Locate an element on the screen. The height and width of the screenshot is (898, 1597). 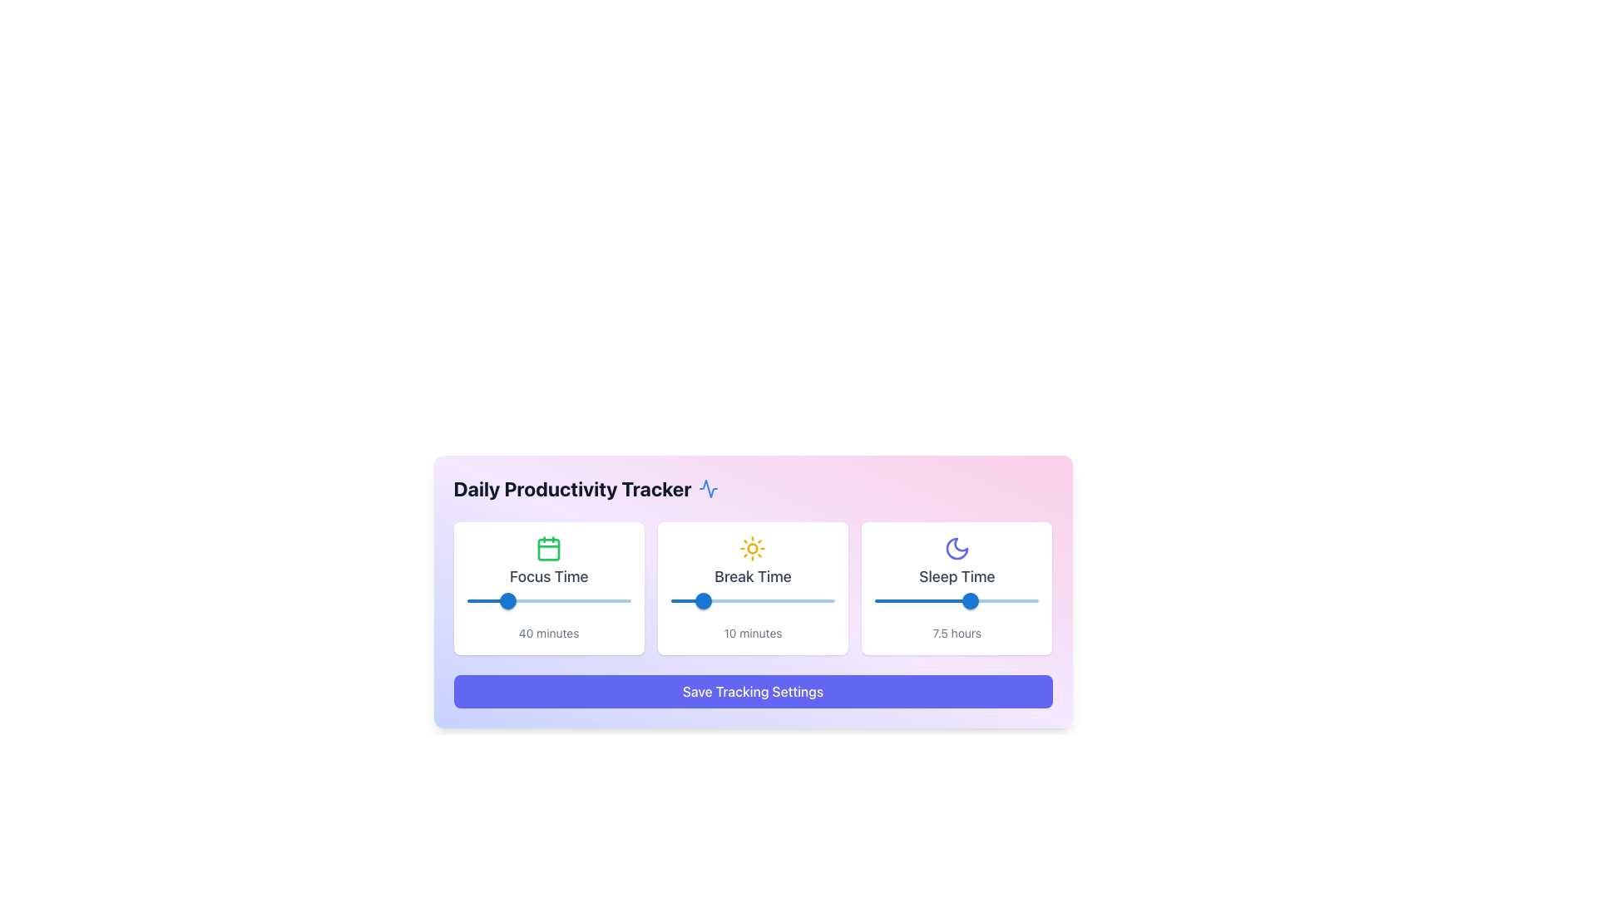
the focus time is located at coordinates (523, 600).